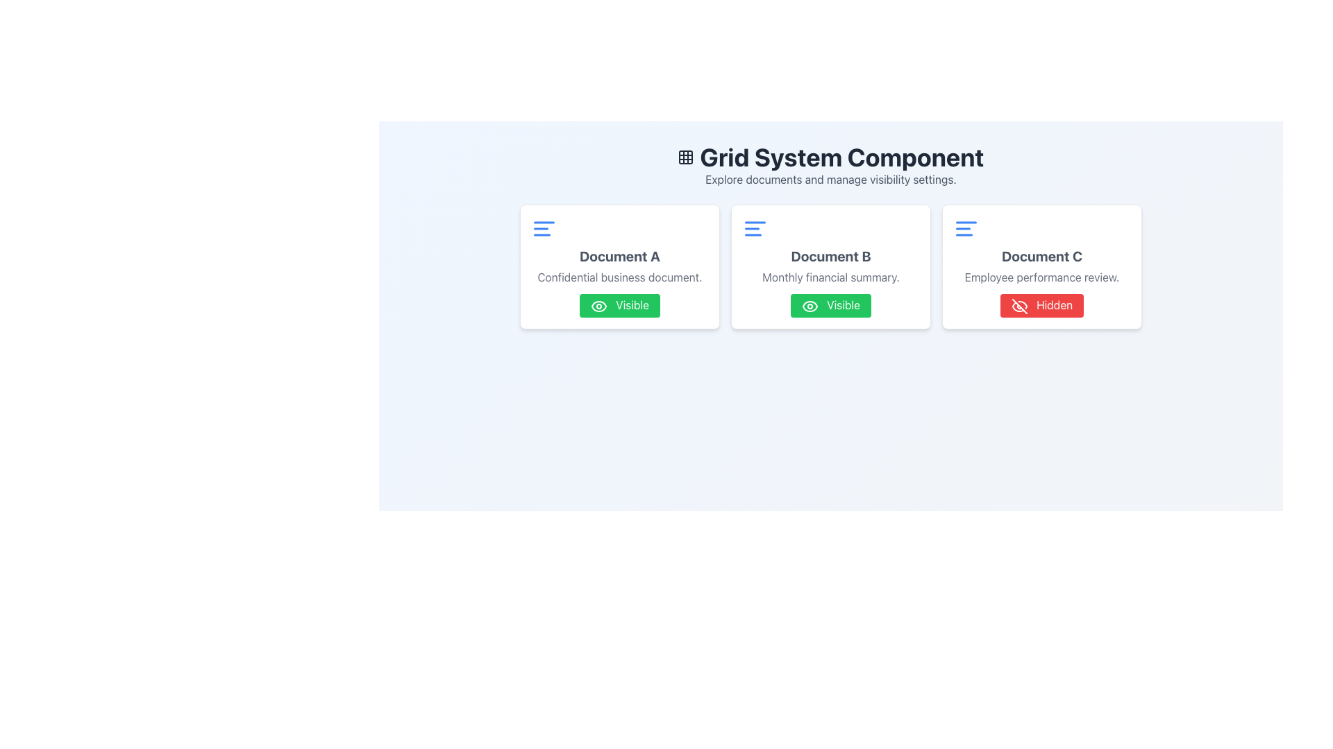 This screenshot has height=749, width=1333. What do you see at coordinates (1042, 257) in the screenshot?
I see `the text label component that identifies the title of the document in the rightmost card of a three-card grid layout under 'Document C'` at bounding box center [1042, 257].